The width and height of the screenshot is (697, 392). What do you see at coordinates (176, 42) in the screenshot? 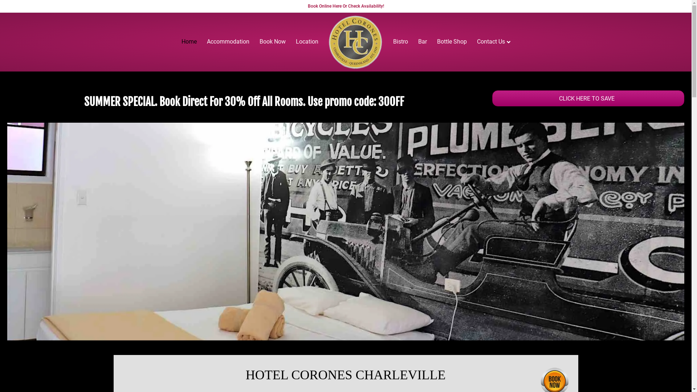
I see `'Home'` at bounding box center [176, 42].